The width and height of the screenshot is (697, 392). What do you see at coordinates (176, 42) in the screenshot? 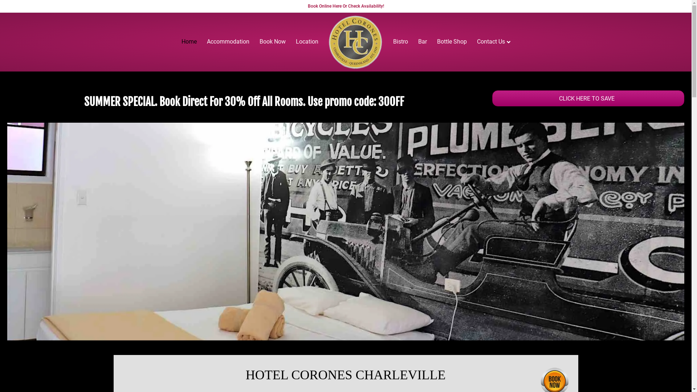
I see `'Home'` at bounding box center [176, 42].